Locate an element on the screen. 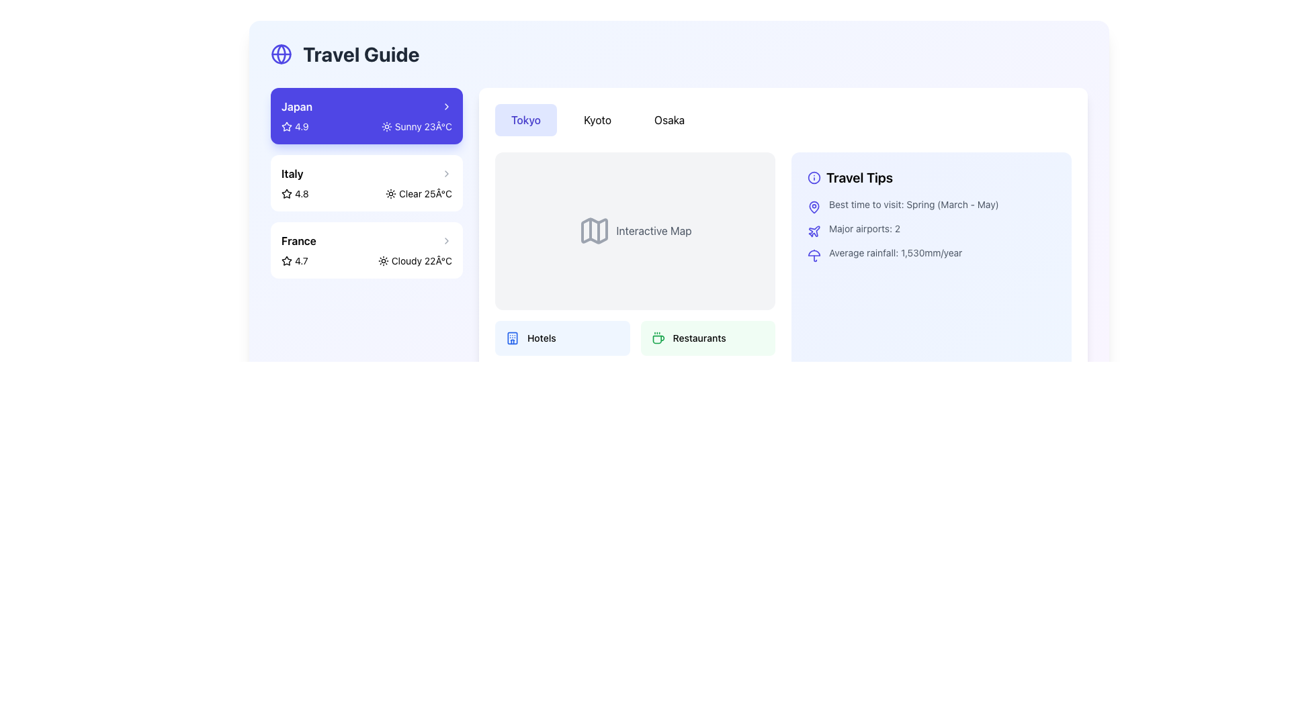  the outlined star icon next to the text '4.7' within the card labeled 'France' in the left-hand navigation panel is located at coordinates (286, 261).